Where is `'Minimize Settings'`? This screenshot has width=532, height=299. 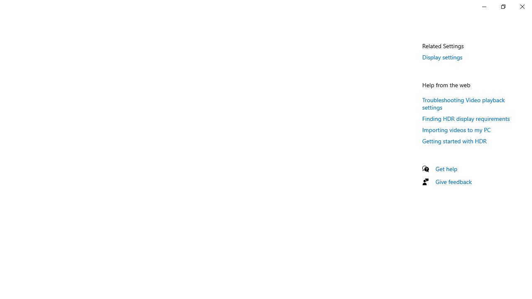 'Minimize Settings' is located at coordinates (484, 6).